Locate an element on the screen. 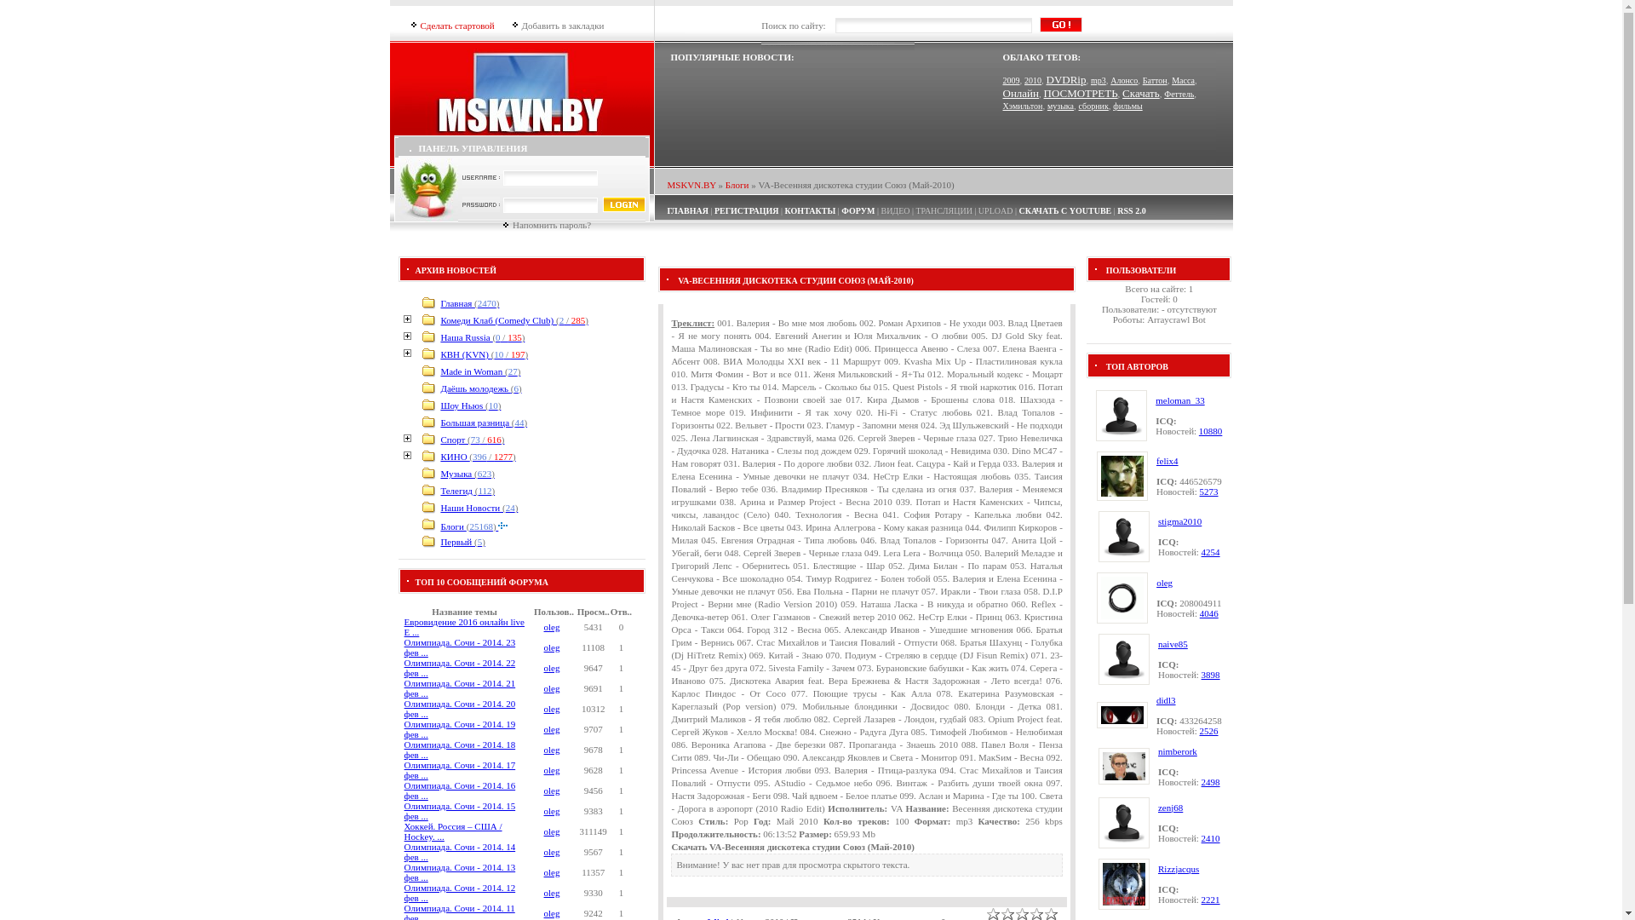  '2498' is located at coordinates (1209, 782).